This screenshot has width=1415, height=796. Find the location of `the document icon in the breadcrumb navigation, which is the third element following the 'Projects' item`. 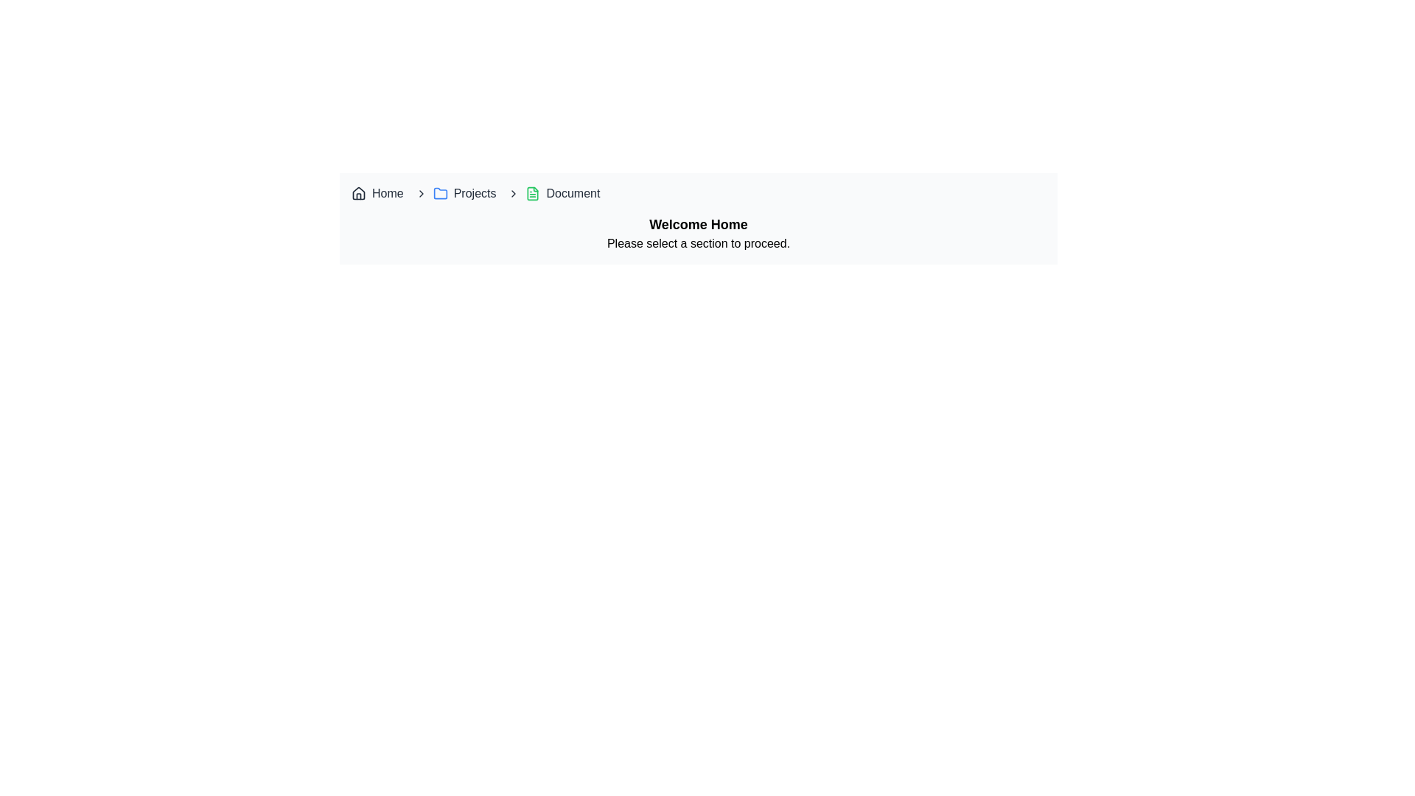

the document icon in the breadcrumb navigation, which is the third element following the 'Projects' item is located at coordinates (532, 192).